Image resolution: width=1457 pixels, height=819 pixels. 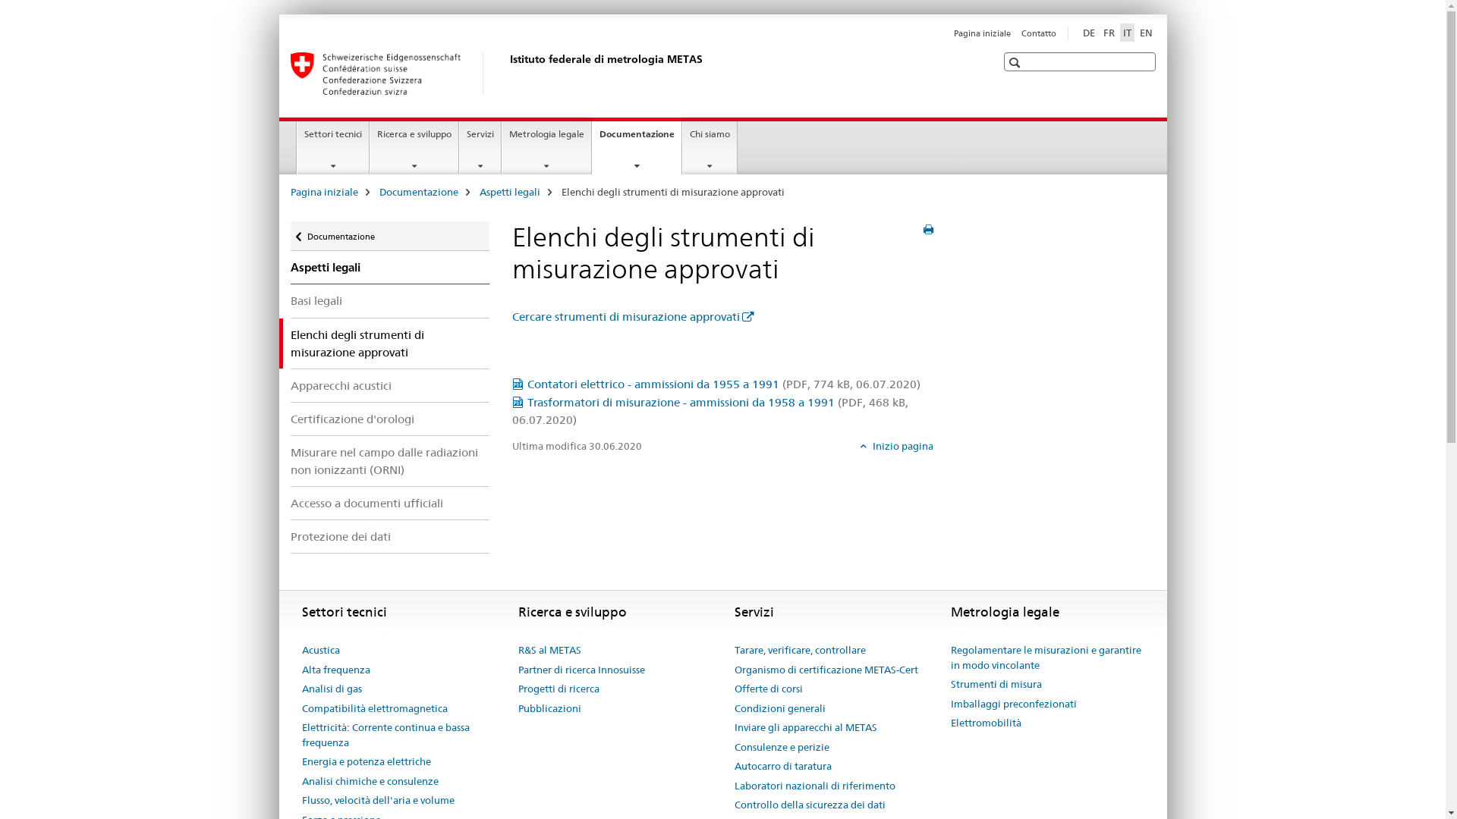 I want to click on 'FR', so click(x=1109, y=32).